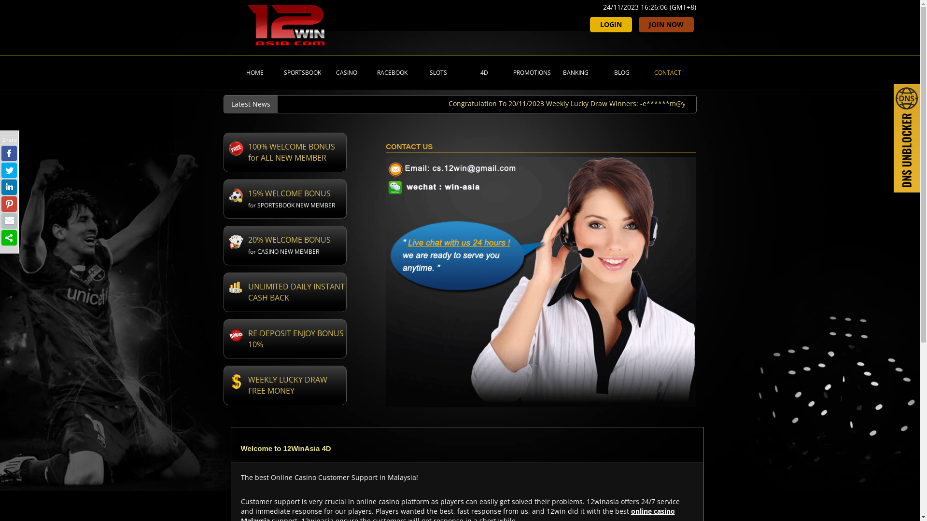 The width and height of the screenshot is (927, 521). I want to click on 'RE-DEPOSIT ENJOY BONUS 10%', so click(284, 338).